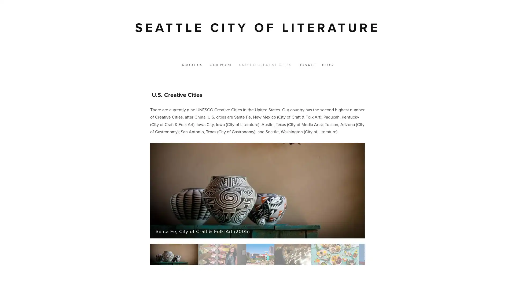 The width and height of the screenshot is (515, 289). What do you see at coordinates (171, 254) in the screenshot?
I see `Slide 1` at bounding box center [171, 254].